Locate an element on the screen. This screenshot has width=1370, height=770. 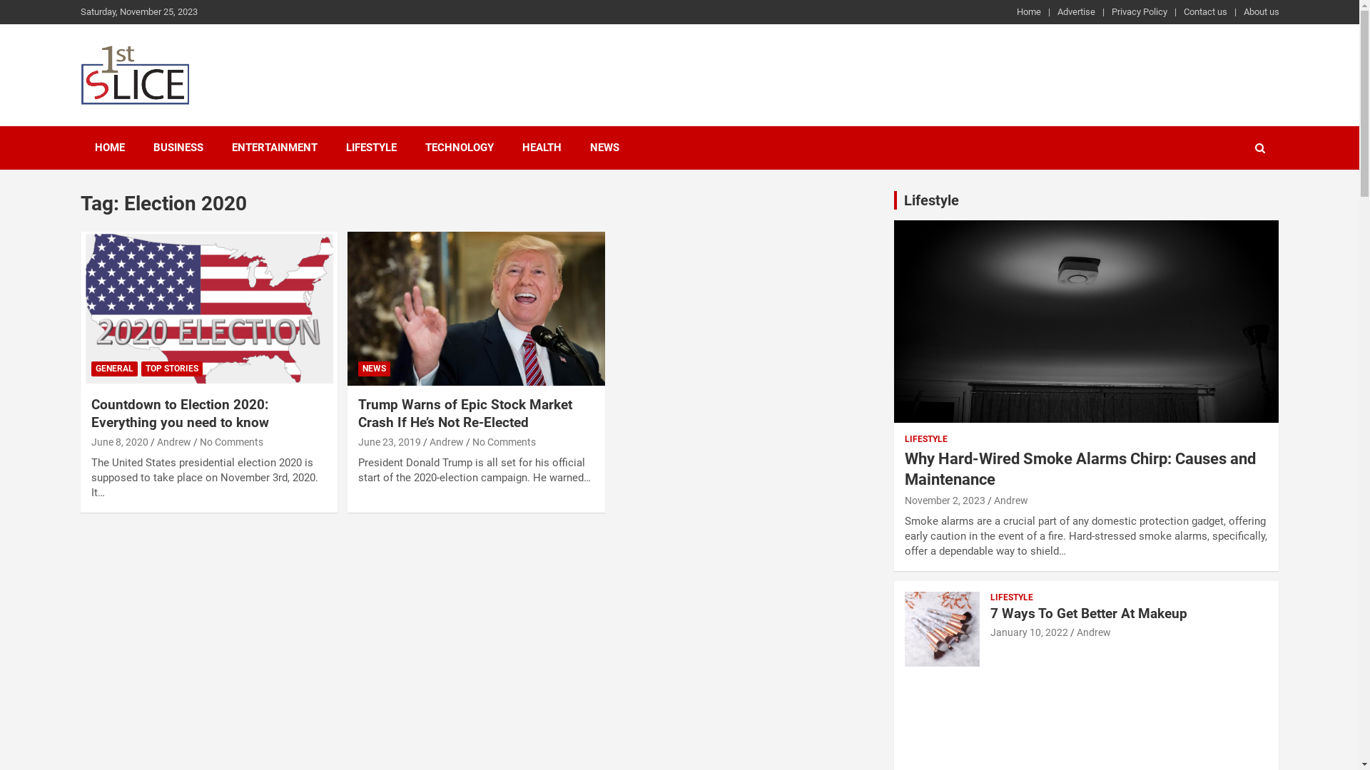
'LIFESTYLE' is located at coordinates (989, 597).